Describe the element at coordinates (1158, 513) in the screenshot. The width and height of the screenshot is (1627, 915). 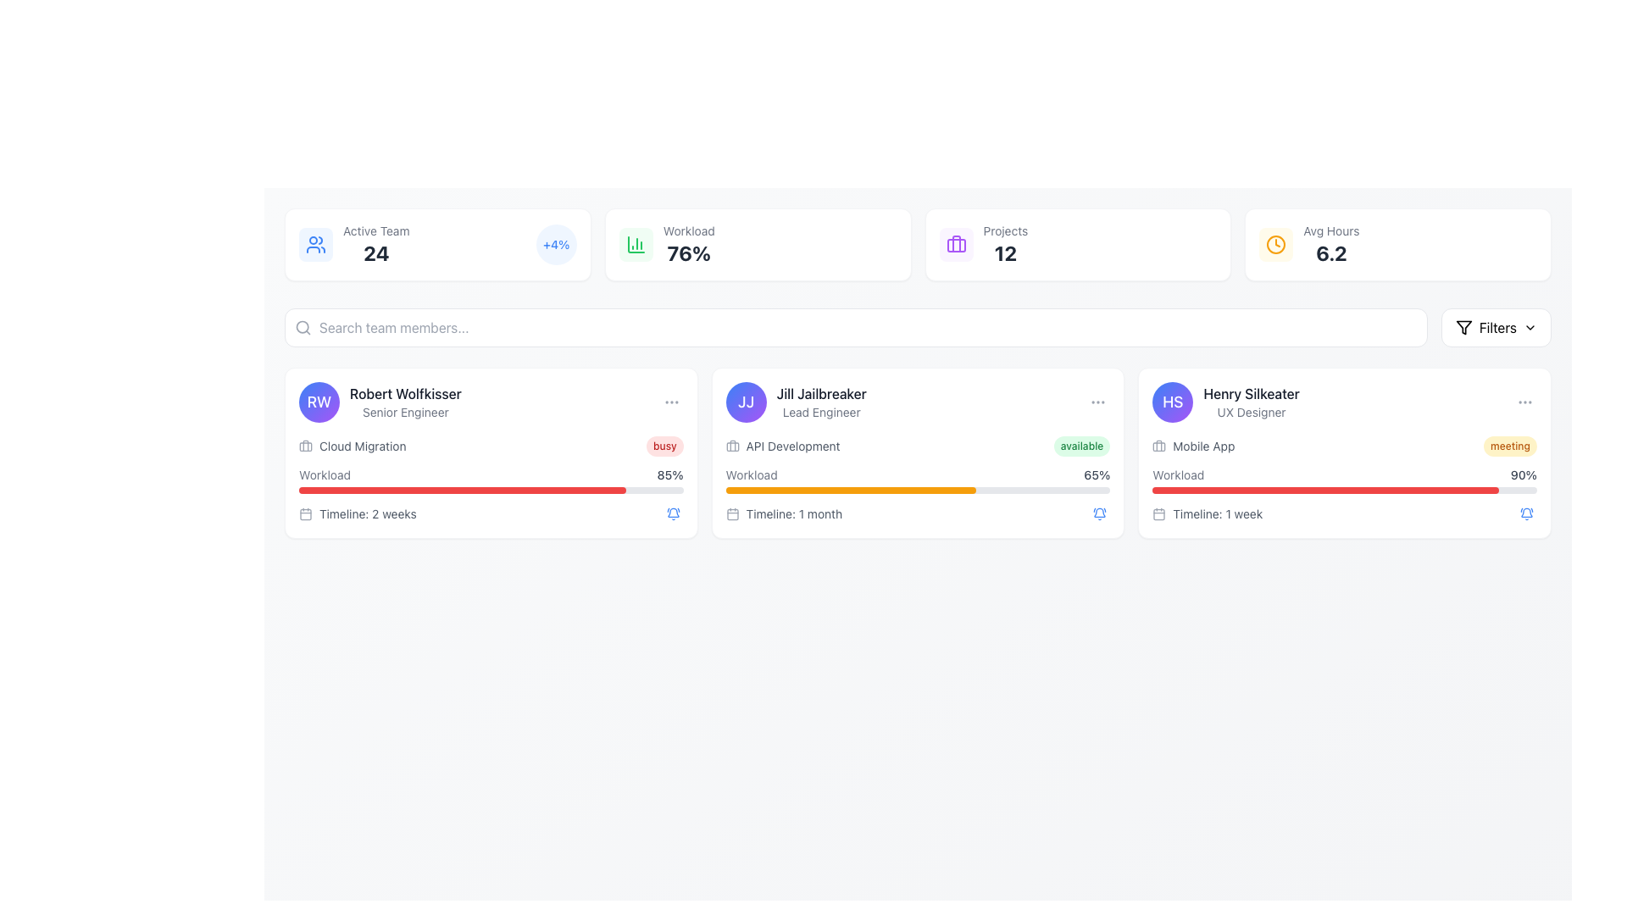
I see `the Decorative SVG graphic that is part of the calendar icon in the UI card for 'Henry Silkeater', located near the workload graph and timeline` at that location.